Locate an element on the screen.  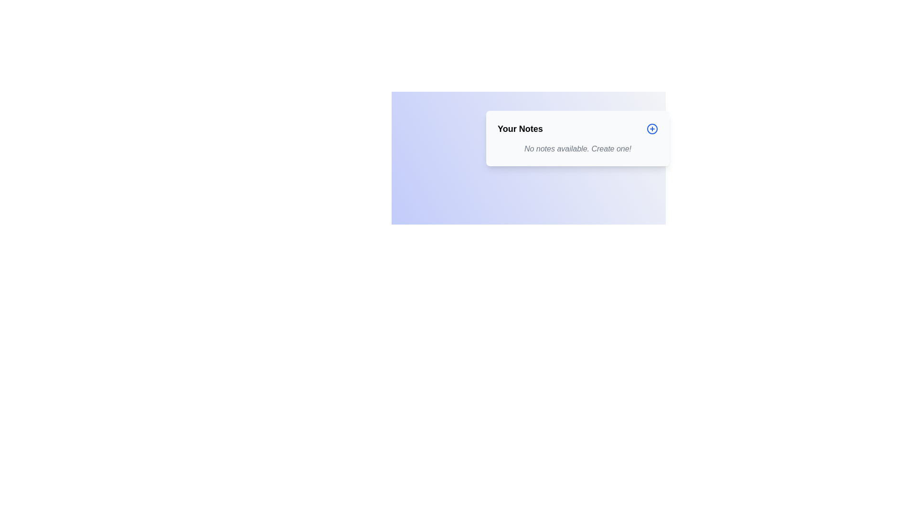
the button located to the far right of the 'Your Notes' title is located at coordinates (652, 129).